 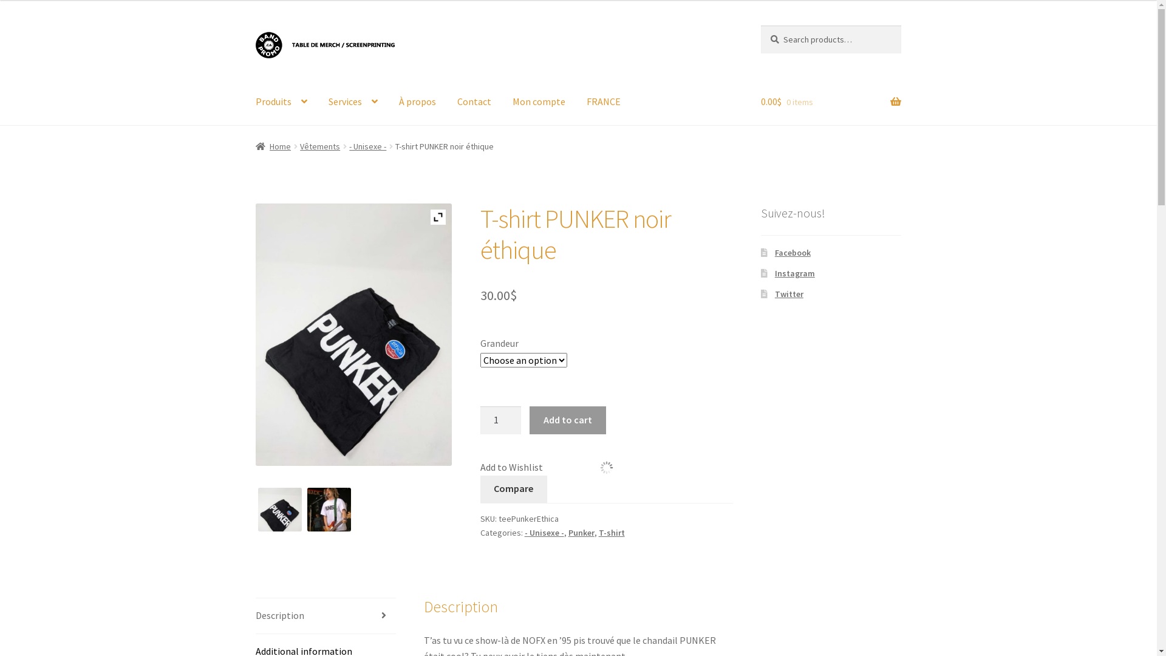 What do you see at coordinates (530, 419) in the screenshot?
I see `'Add to cart'` at bounding box center [530, 419].